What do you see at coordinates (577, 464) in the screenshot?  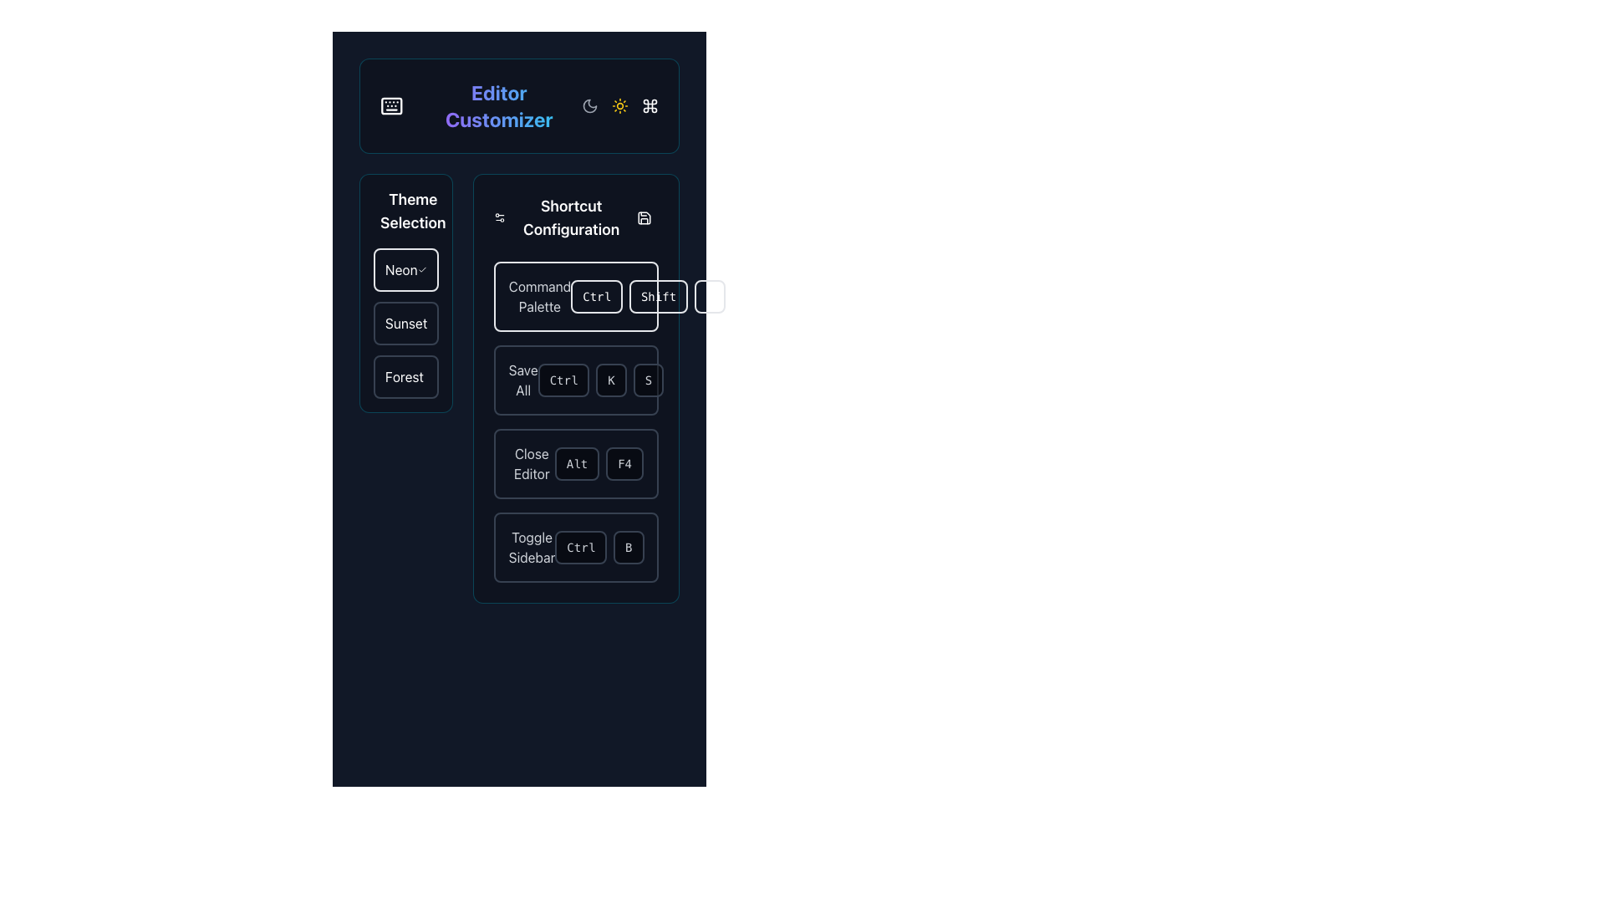 I see `the 'Alt' button-like UI element, which is styled with a black background and rounded corners, located in the third row of the 'Shortcut Configuration' section for the 'Close Editor' shortcut` at bounding box center [577, 464].